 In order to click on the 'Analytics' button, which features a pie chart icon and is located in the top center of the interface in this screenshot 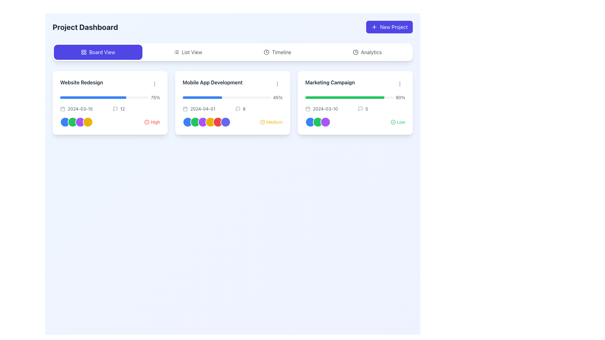, I will do `click(367, 52)`.